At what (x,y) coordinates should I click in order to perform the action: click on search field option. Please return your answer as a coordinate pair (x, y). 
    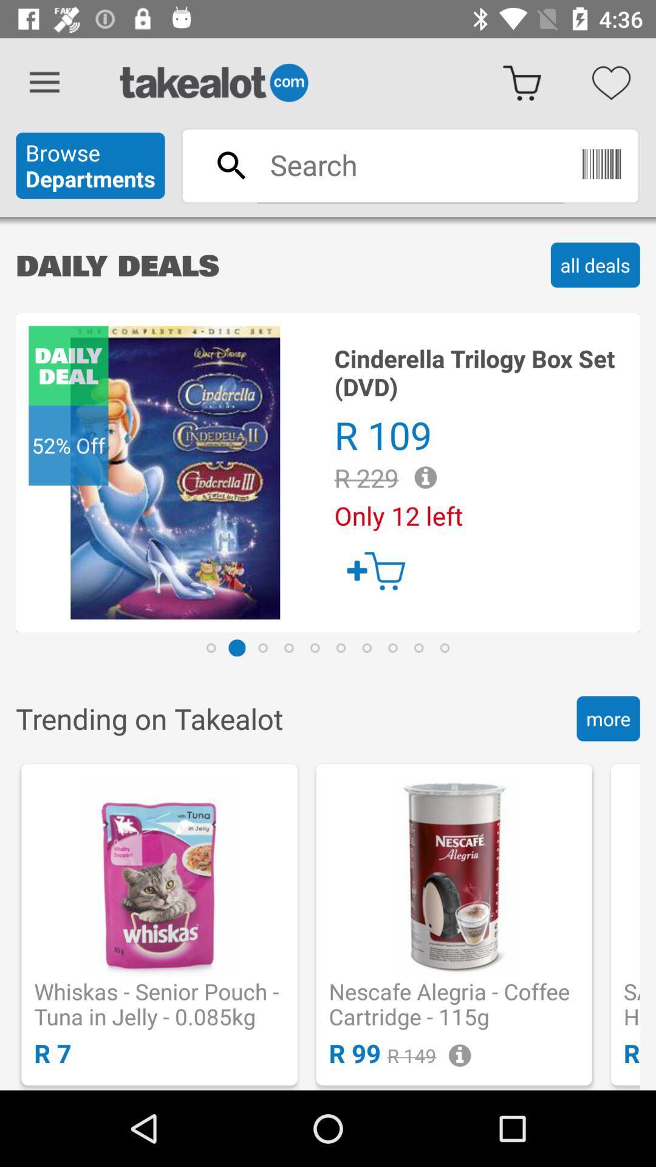
    Looking at the image, I should click on (410, 164).